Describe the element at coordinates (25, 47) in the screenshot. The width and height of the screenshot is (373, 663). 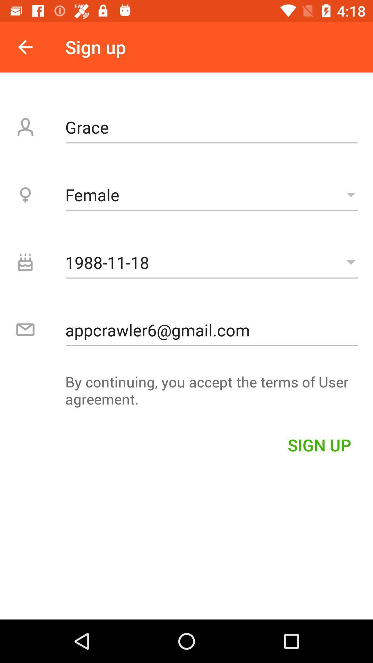
I see `the icon to the left of sign up icon` at that location.